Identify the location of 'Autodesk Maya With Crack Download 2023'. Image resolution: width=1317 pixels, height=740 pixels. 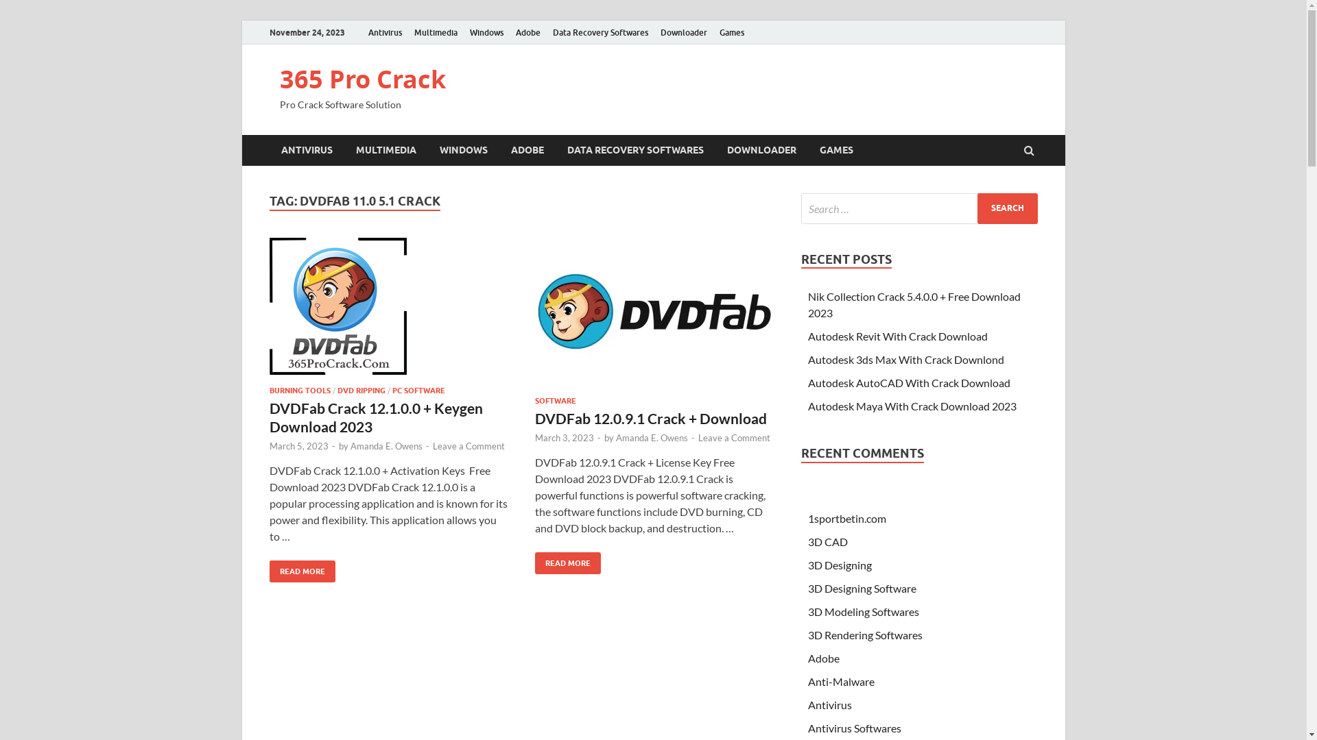
(912, 405).